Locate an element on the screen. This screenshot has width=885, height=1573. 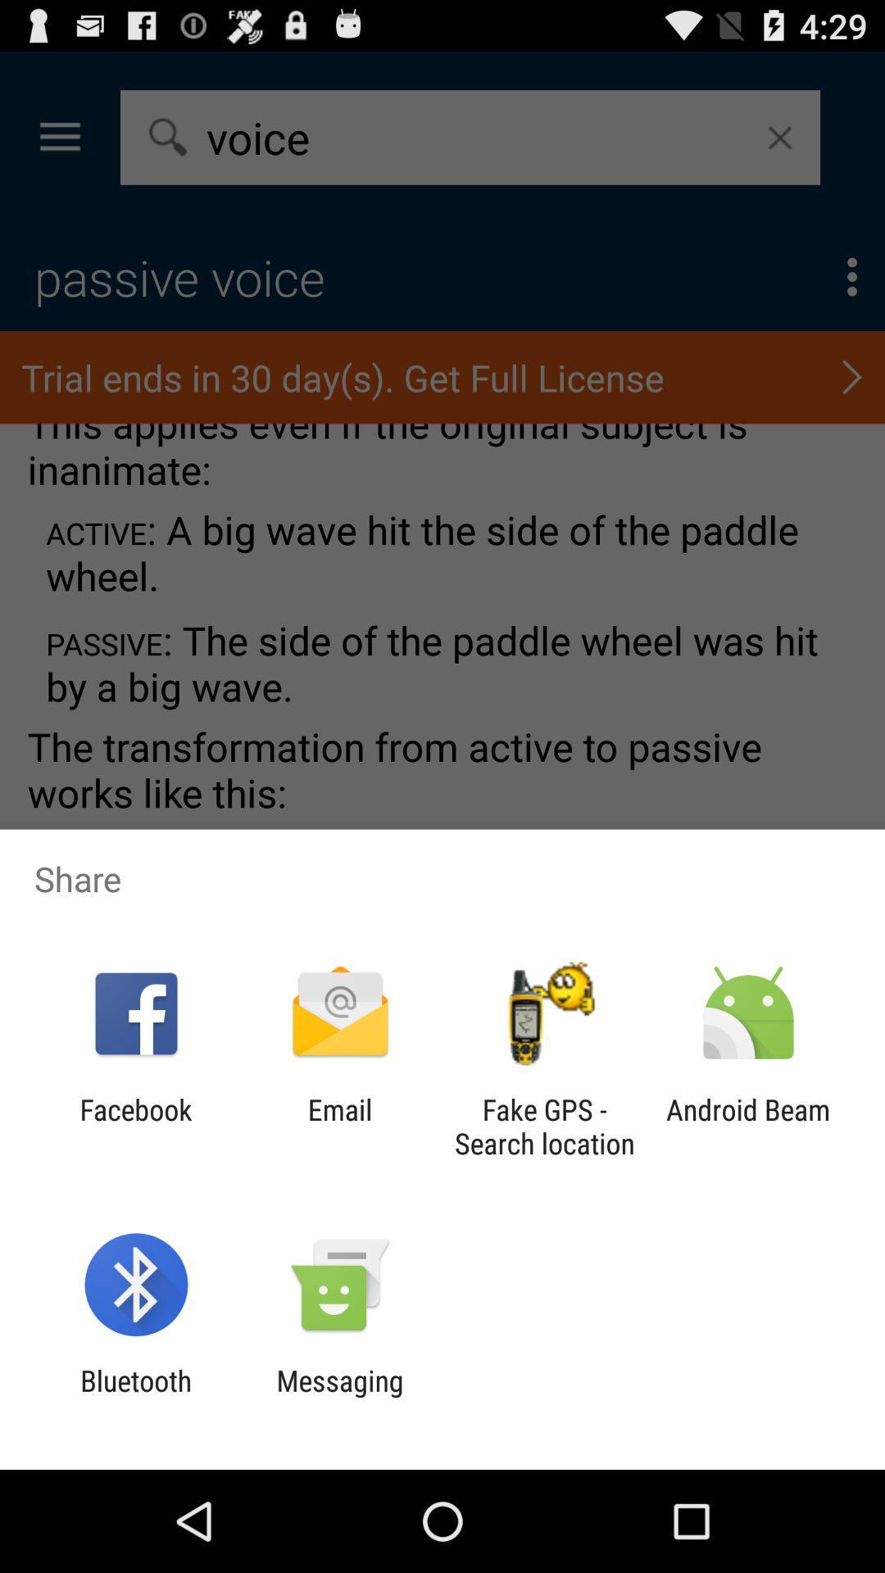
the item to the right of fake gps search is located at coordinates (748, 1126).